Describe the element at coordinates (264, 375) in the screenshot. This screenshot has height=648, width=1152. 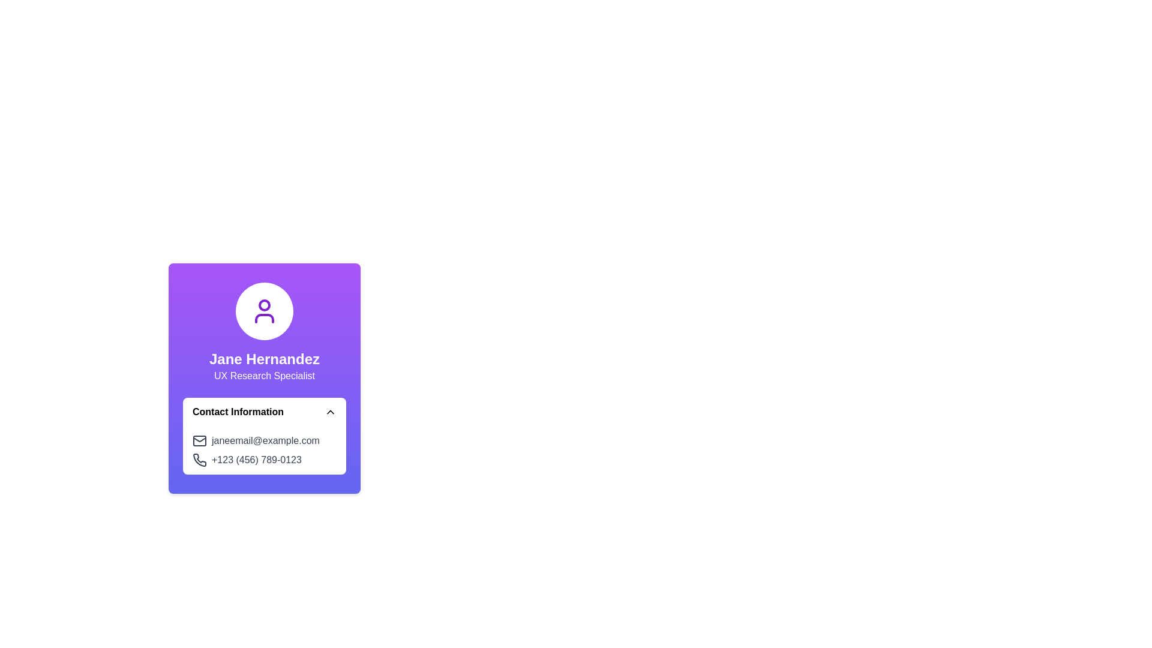
I see `the text label indicating the professional title of Jane Hernandez, which is centrally positioned below her name and above the 'Contact Information' section` at that location.